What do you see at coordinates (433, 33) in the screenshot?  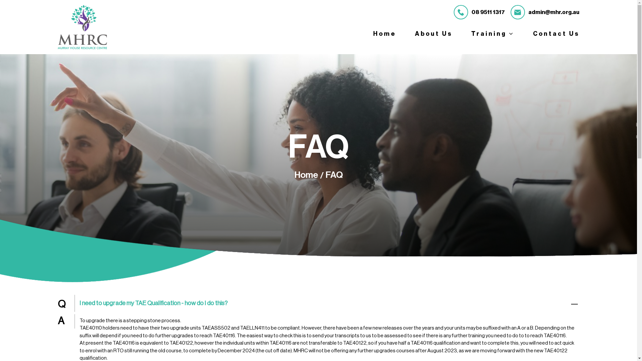 I see `'About Us'` at bounding box center [433, 33].